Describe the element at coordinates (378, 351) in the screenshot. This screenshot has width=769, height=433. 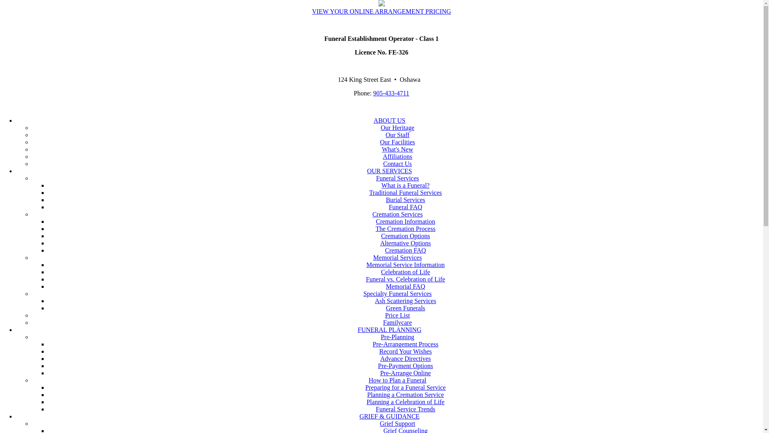
I see `'Record Your Wishes'` at that location.